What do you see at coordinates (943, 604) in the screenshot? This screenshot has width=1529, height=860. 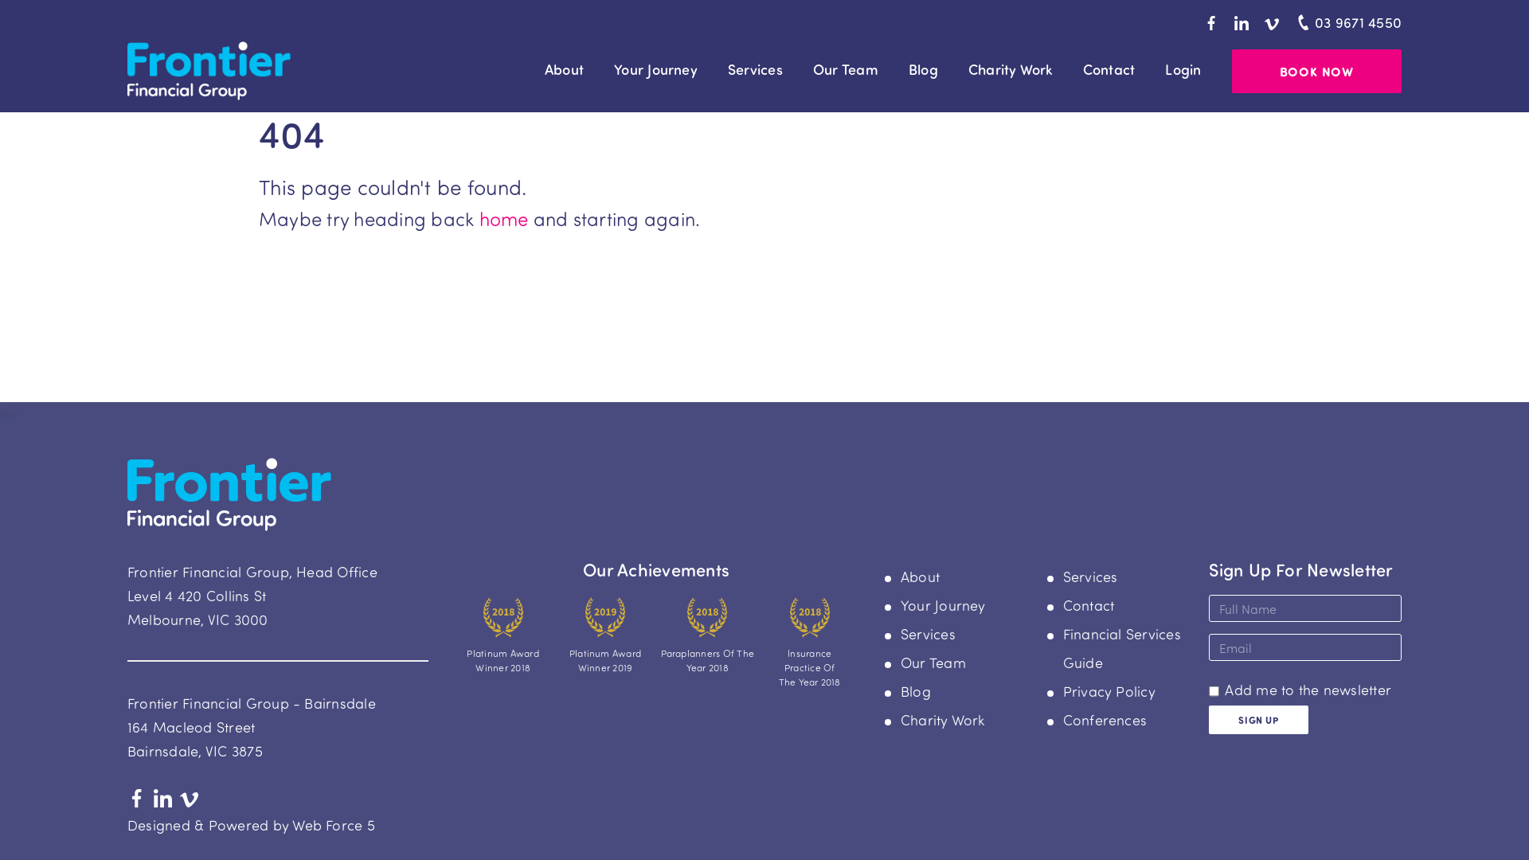 I see `'Your Journey'` at bounding box center [943, 604].